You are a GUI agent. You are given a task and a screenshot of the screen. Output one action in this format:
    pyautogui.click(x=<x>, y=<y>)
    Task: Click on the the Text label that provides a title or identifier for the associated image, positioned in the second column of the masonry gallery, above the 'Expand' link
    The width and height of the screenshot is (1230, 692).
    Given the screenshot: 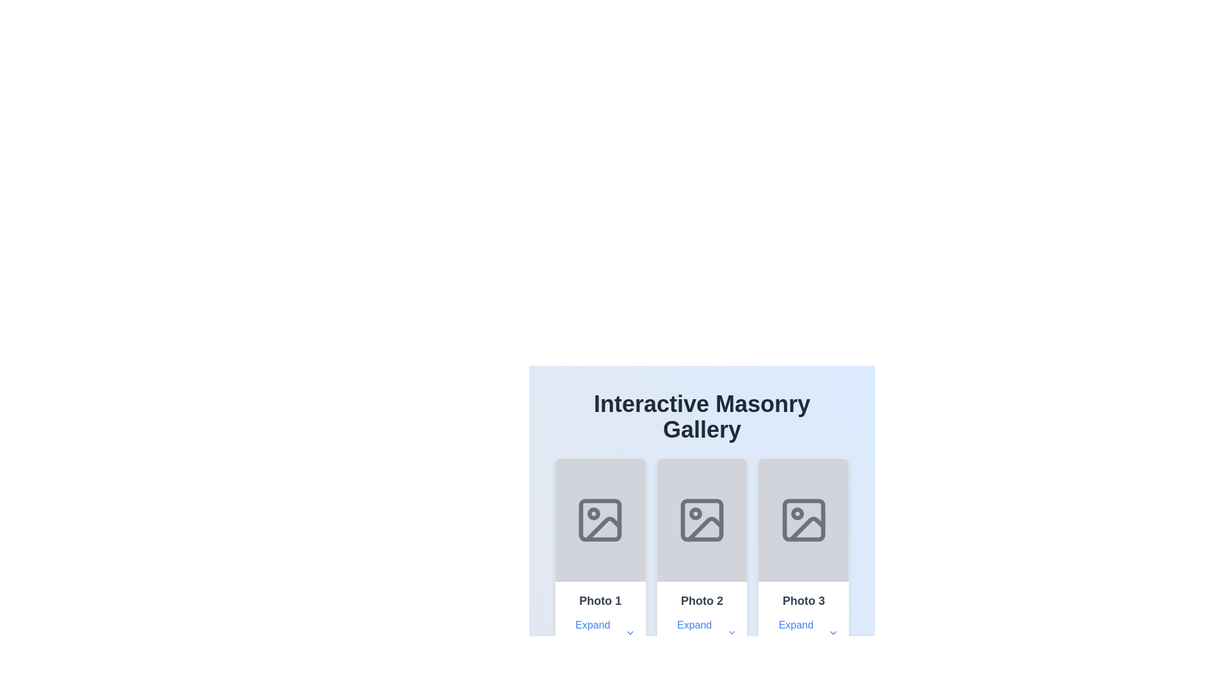 What is the action you would take?
    pyautogui.click(x=701, y=600)
    